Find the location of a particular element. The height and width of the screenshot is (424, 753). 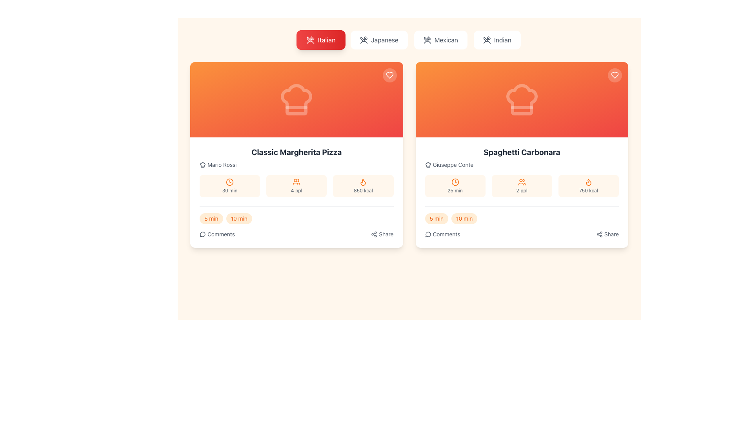

the calorie icon located in the right-side card labeled 'Spaghetti Carbonara', which is positioned to the right of the 'calories' label and numerical value, emphasizing heat or energy consumption is located at coordinates (588, 182).